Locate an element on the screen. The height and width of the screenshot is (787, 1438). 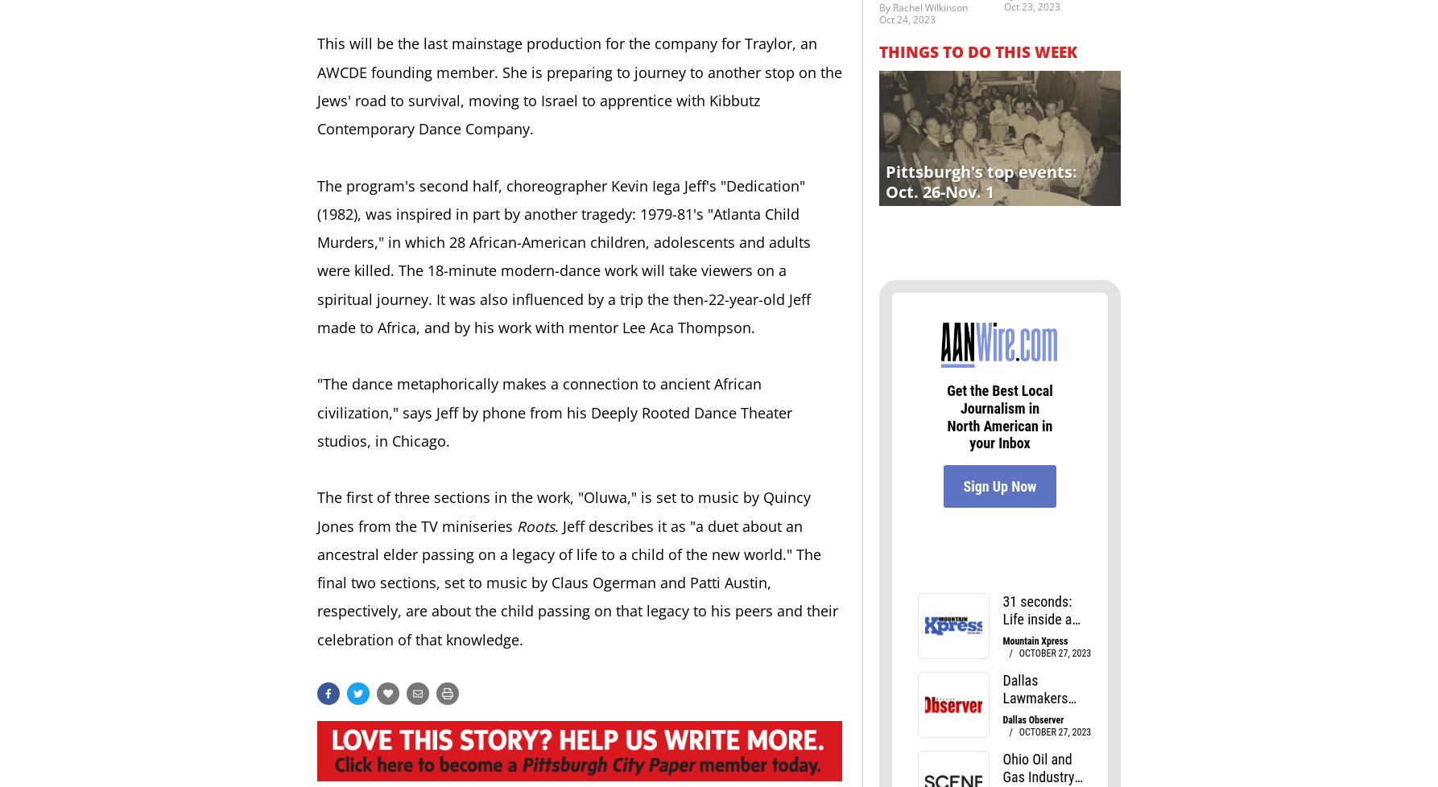
'. Jeff describes it as "a duet about an ancestral elder passing on a legacy of life to a child of the new world." The final two sections, set to music by Claus Ogerman and Patti Austin, respectively, are about the child passing on that legacy to his peers and their celebration of that knowledge.' is located at coordinates (577, 582).